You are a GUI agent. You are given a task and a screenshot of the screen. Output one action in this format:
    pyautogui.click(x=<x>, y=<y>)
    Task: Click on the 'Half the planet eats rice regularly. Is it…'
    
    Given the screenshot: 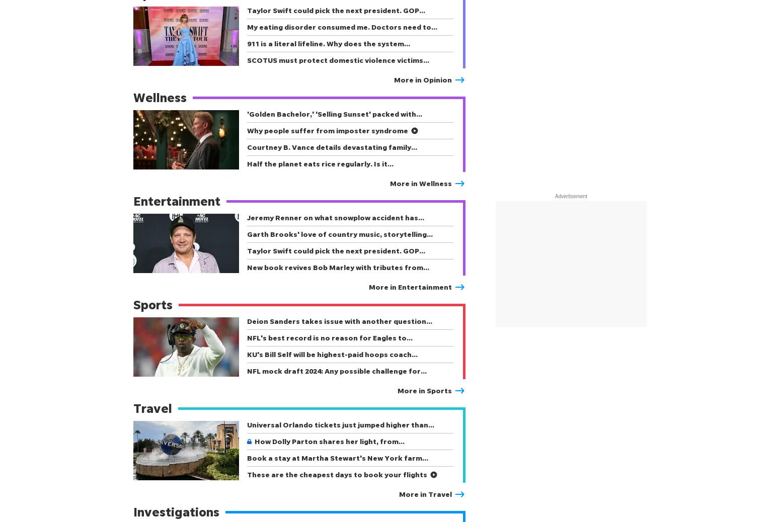 What is the action you would take?
    pyautogui.click(x=320, y=163)
    